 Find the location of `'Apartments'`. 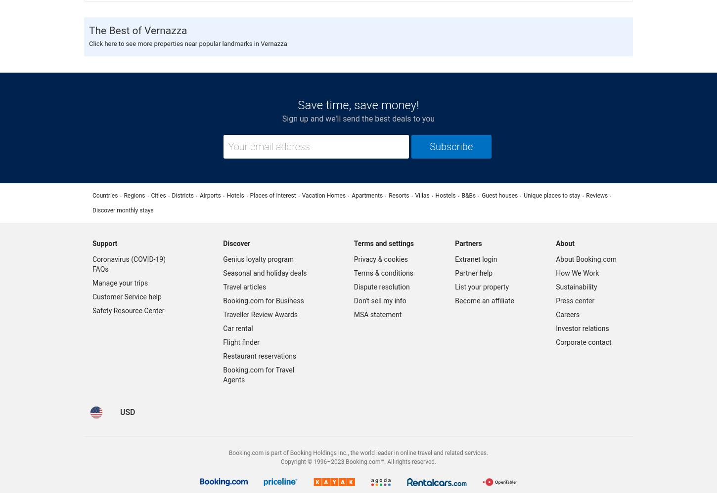

'Apartments' is located at coordinates (367, 195).